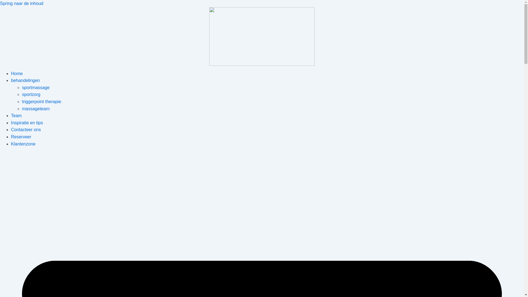  What do you see at coordinates (0, 3) in the screenshot?
I see `'Spring naar de inhoud'` at bounding box center [0, 3].